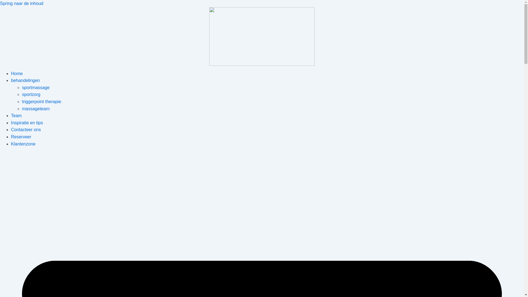  What do you see at coordinates (0, 3) in the screenshot?
I see `'Spring naar de inhoud'` at bounding box center [0, 3].